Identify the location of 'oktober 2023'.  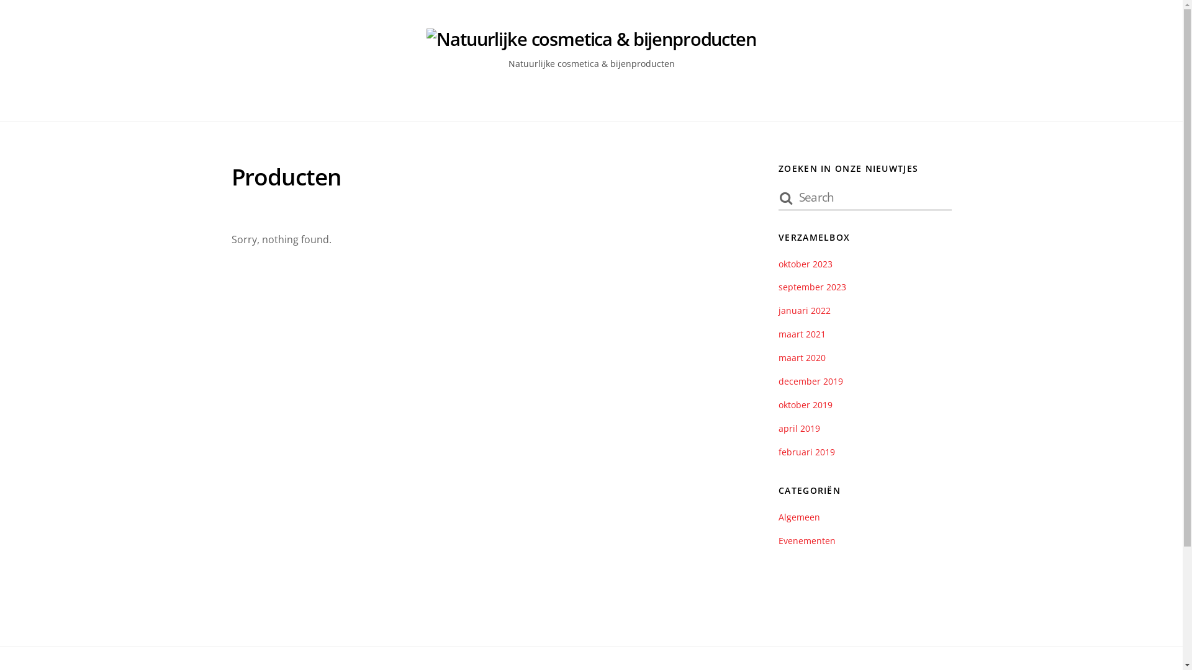
(805, 263).